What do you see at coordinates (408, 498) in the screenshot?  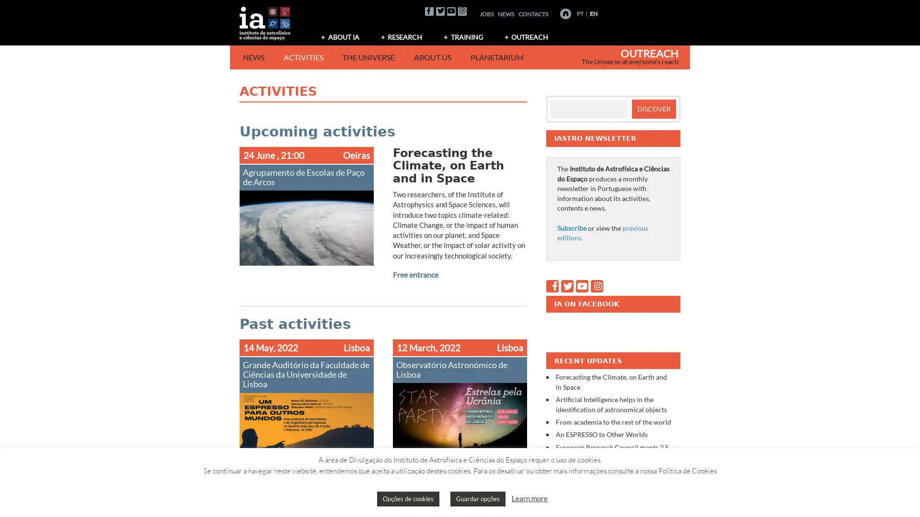 I see `Opcoes de cookies` at bounding box center [408, 498].